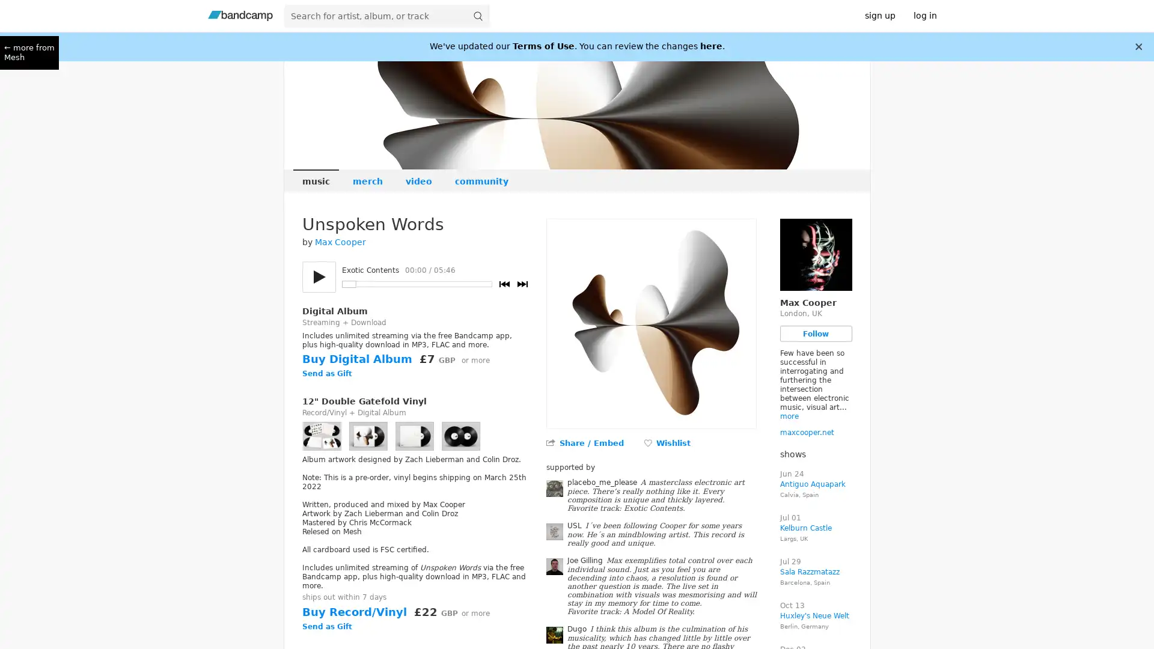 The image size is (1154, 649). Describe the element at coordinates (353, 612) in the screenshot. I see `Buy Record/Vinyl` at that location.